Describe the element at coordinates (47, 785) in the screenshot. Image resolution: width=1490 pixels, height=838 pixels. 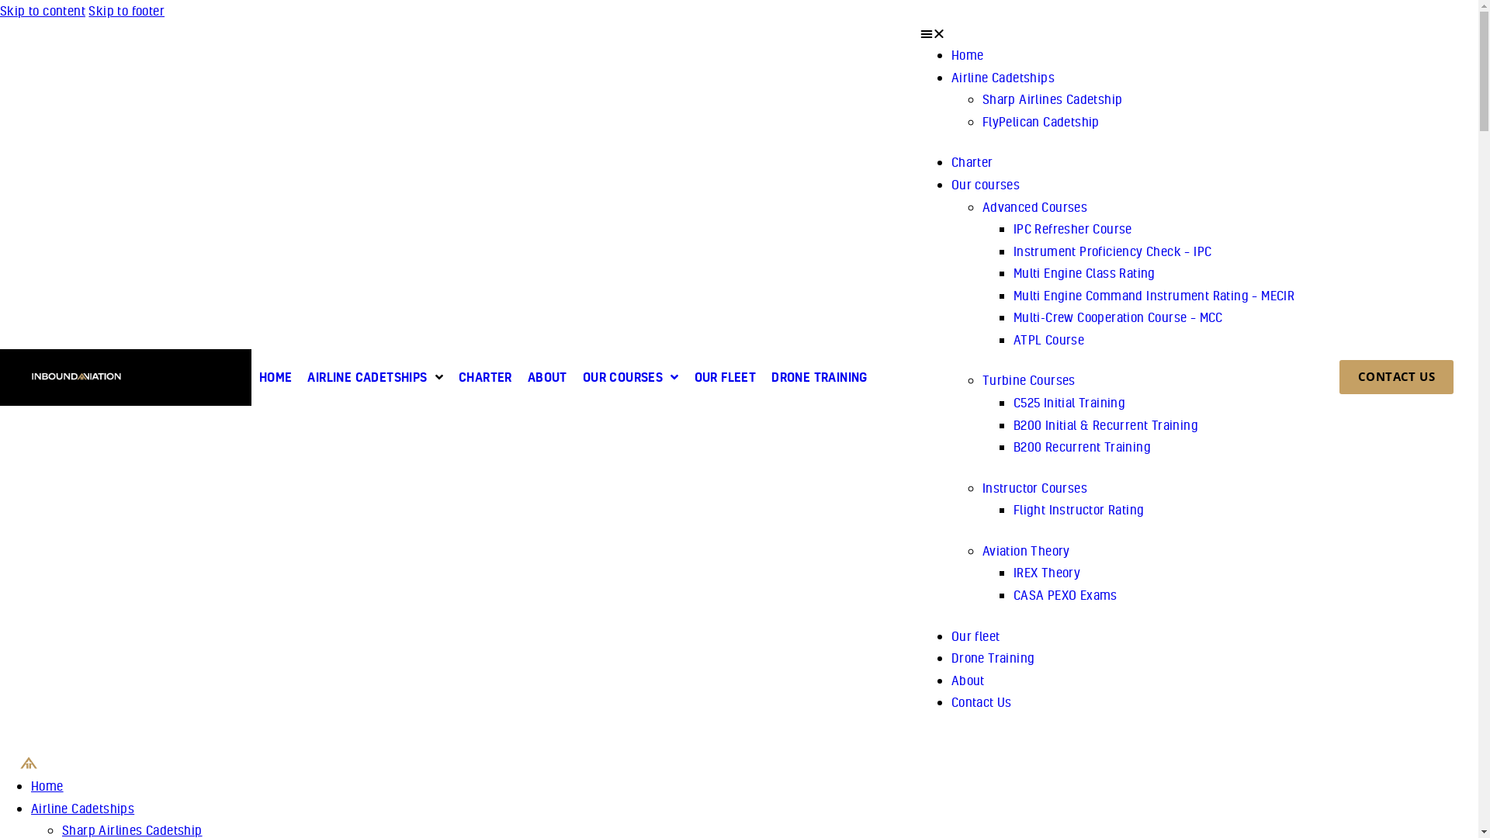
I see `'Home'` at that location.